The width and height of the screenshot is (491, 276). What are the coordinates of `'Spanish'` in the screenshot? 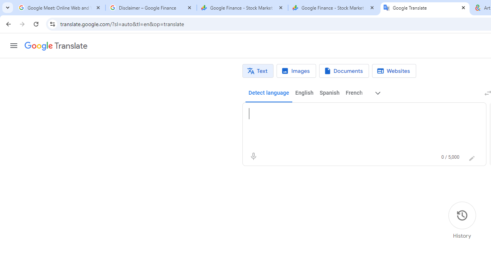 It's located at (329, 93).